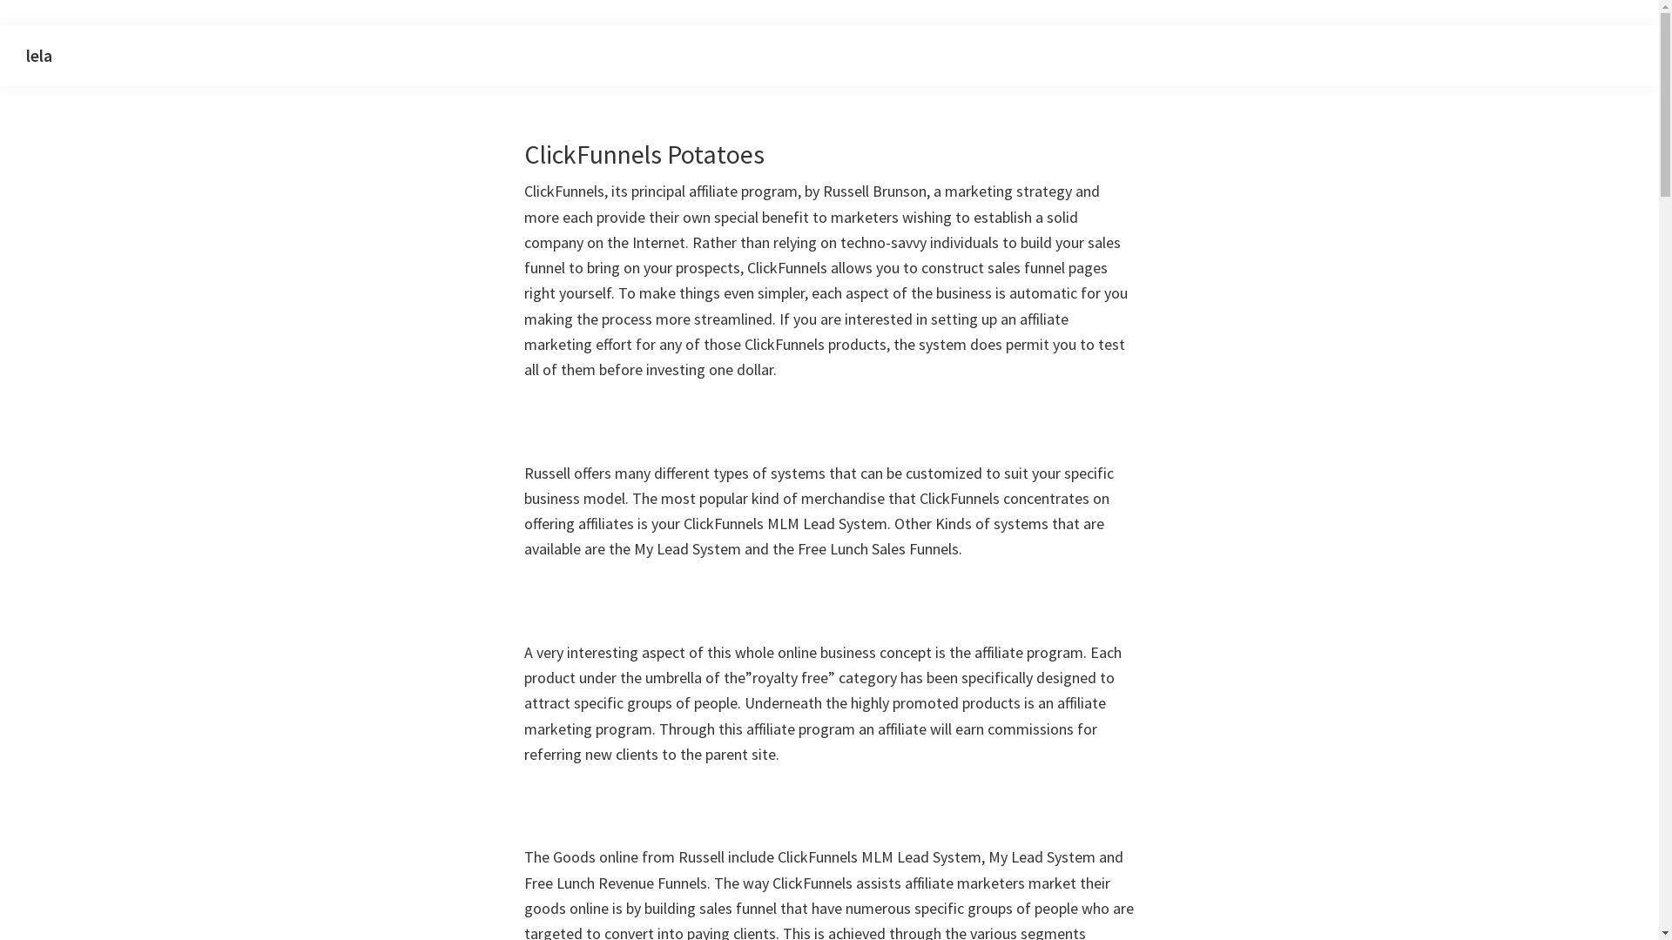 Image resolution: width=1672 pixels, height=940 pixels. Describe the element at coordinates (522, 153) in the screenshot. I see `'ClickFunnels Potatoes'` at that location.